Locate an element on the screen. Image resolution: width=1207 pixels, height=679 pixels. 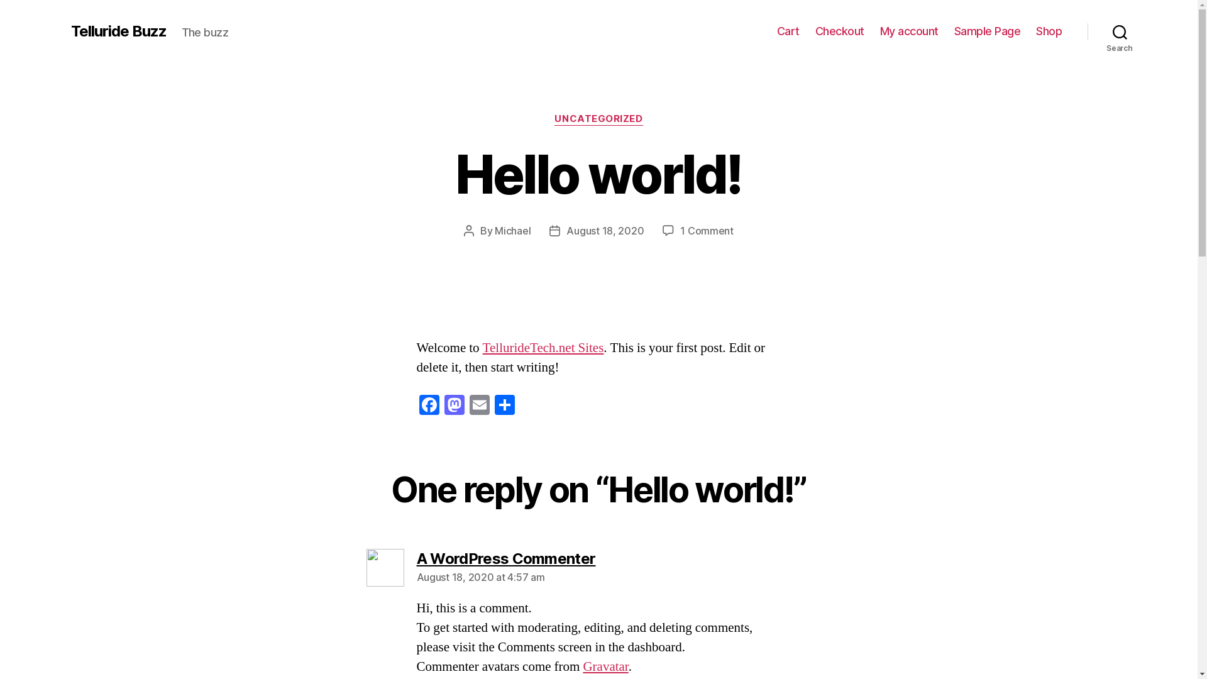
'TellurideTech.net Sites' is located at coordinates (482, 348).